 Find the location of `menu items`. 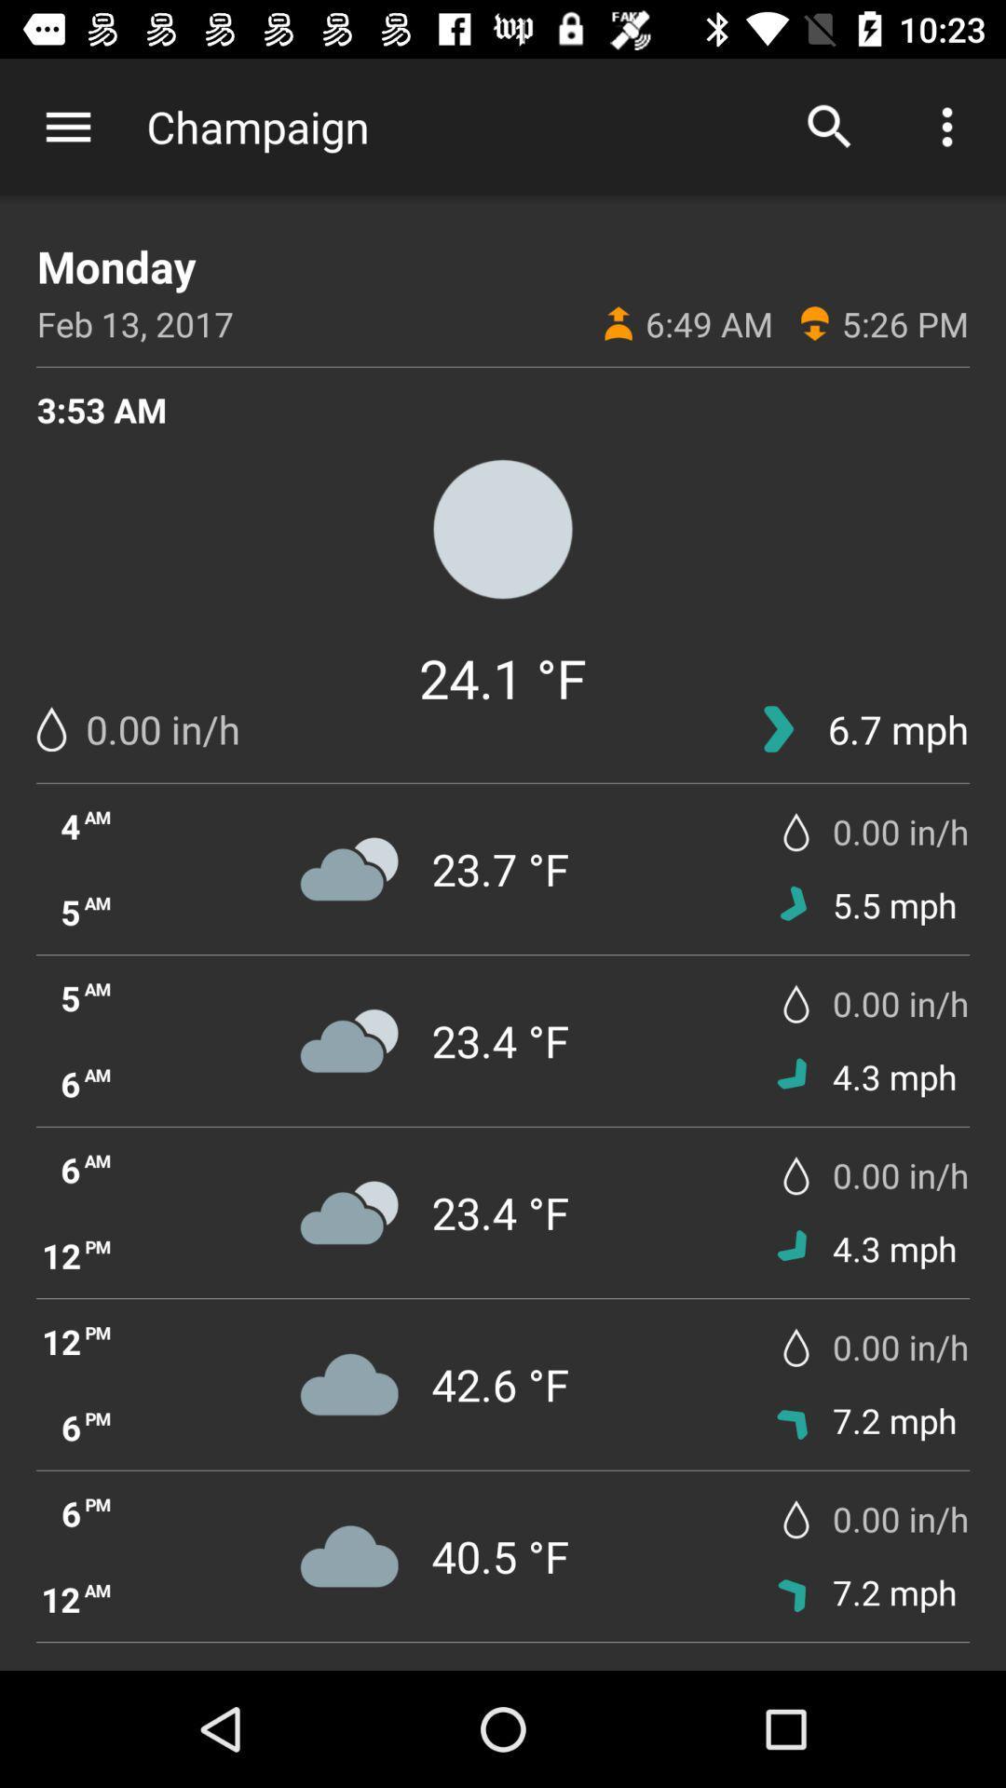

menu items is located at coordinates (67, 126).